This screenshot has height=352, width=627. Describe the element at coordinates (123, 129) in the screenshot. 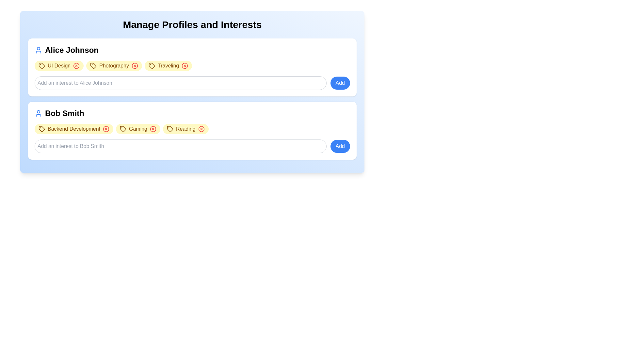

I see `the tagging icon located to the left of the 'Gaming' text in the 'Bob Smith' profile section` at that location.